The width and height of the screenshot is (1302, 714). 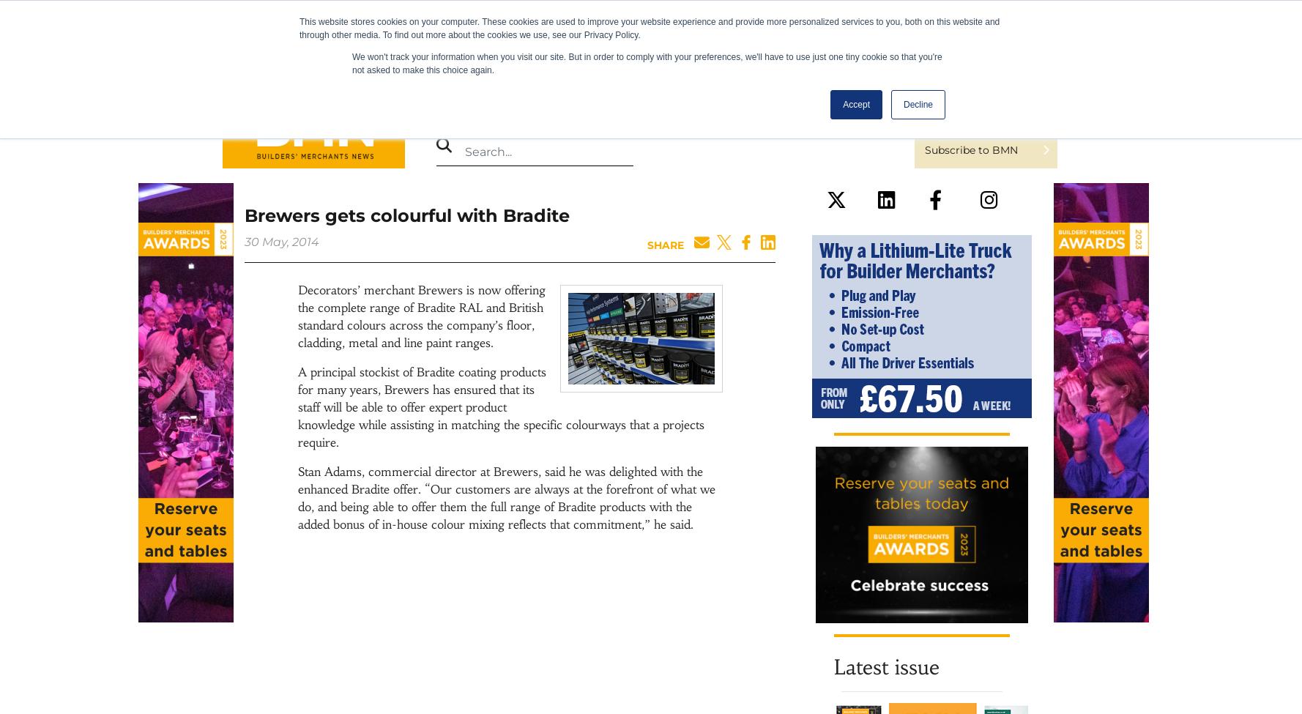 I want to click on 'Decline', so click(x=917, y=104).